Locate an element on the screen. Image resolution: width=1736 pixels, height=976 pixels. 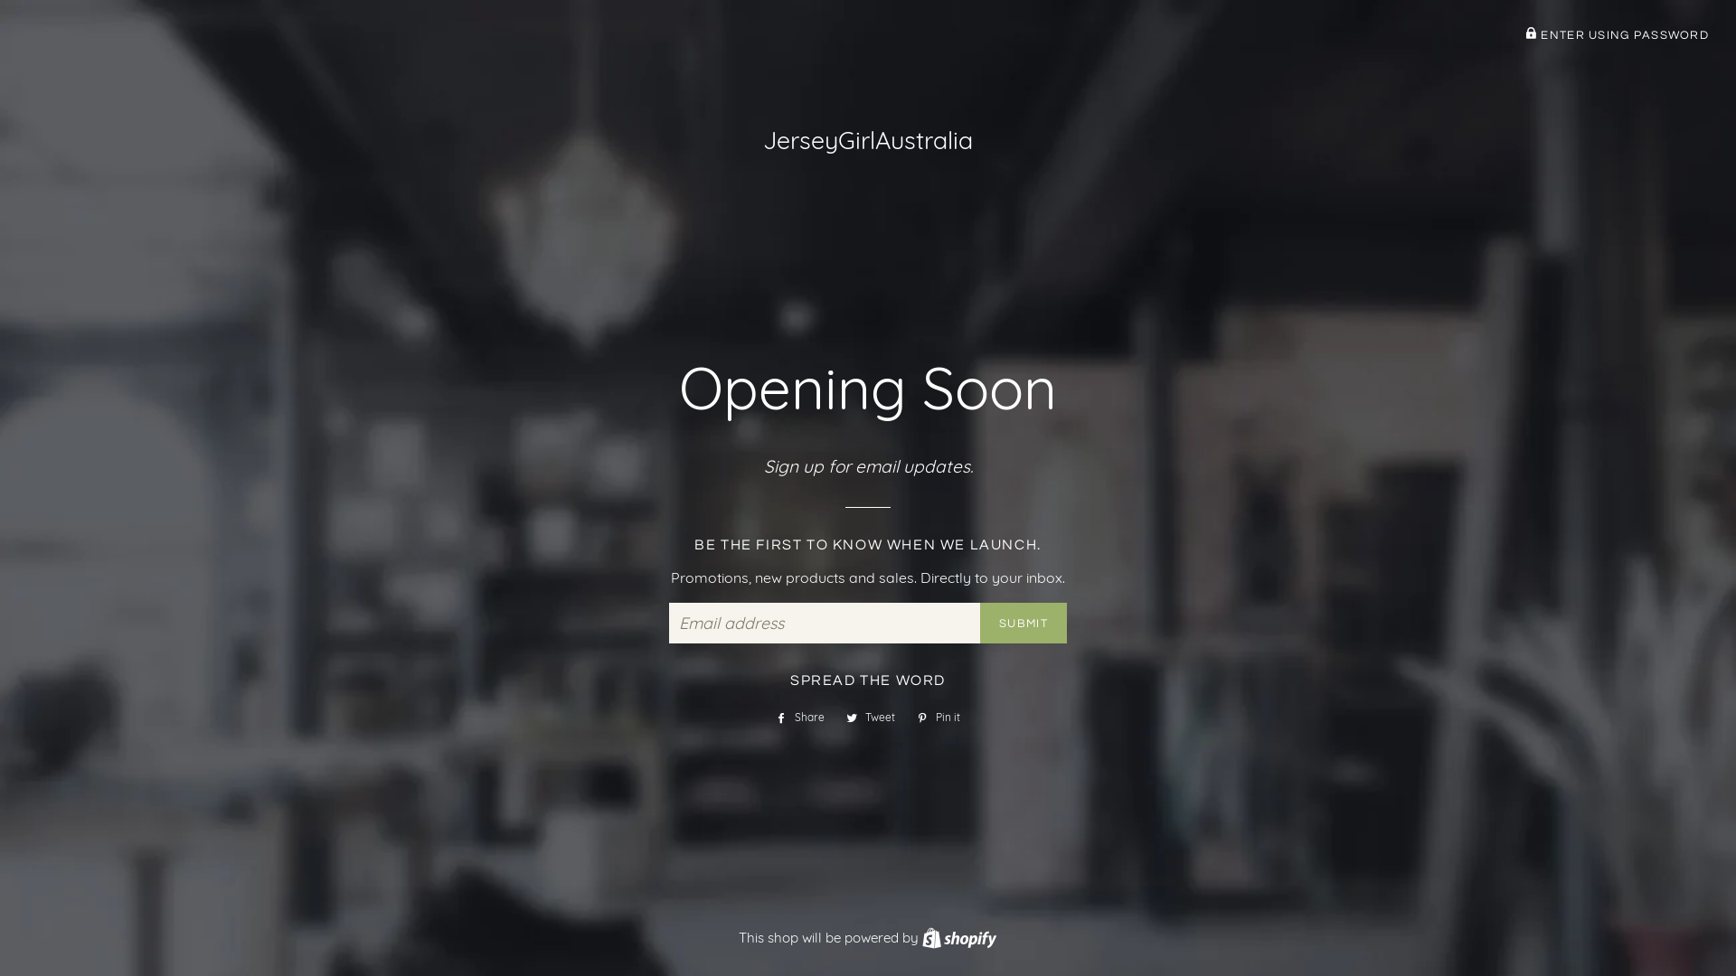
'LOCK ICON ENTER USING PASSWORD' is located at coordinates (1617, 35).